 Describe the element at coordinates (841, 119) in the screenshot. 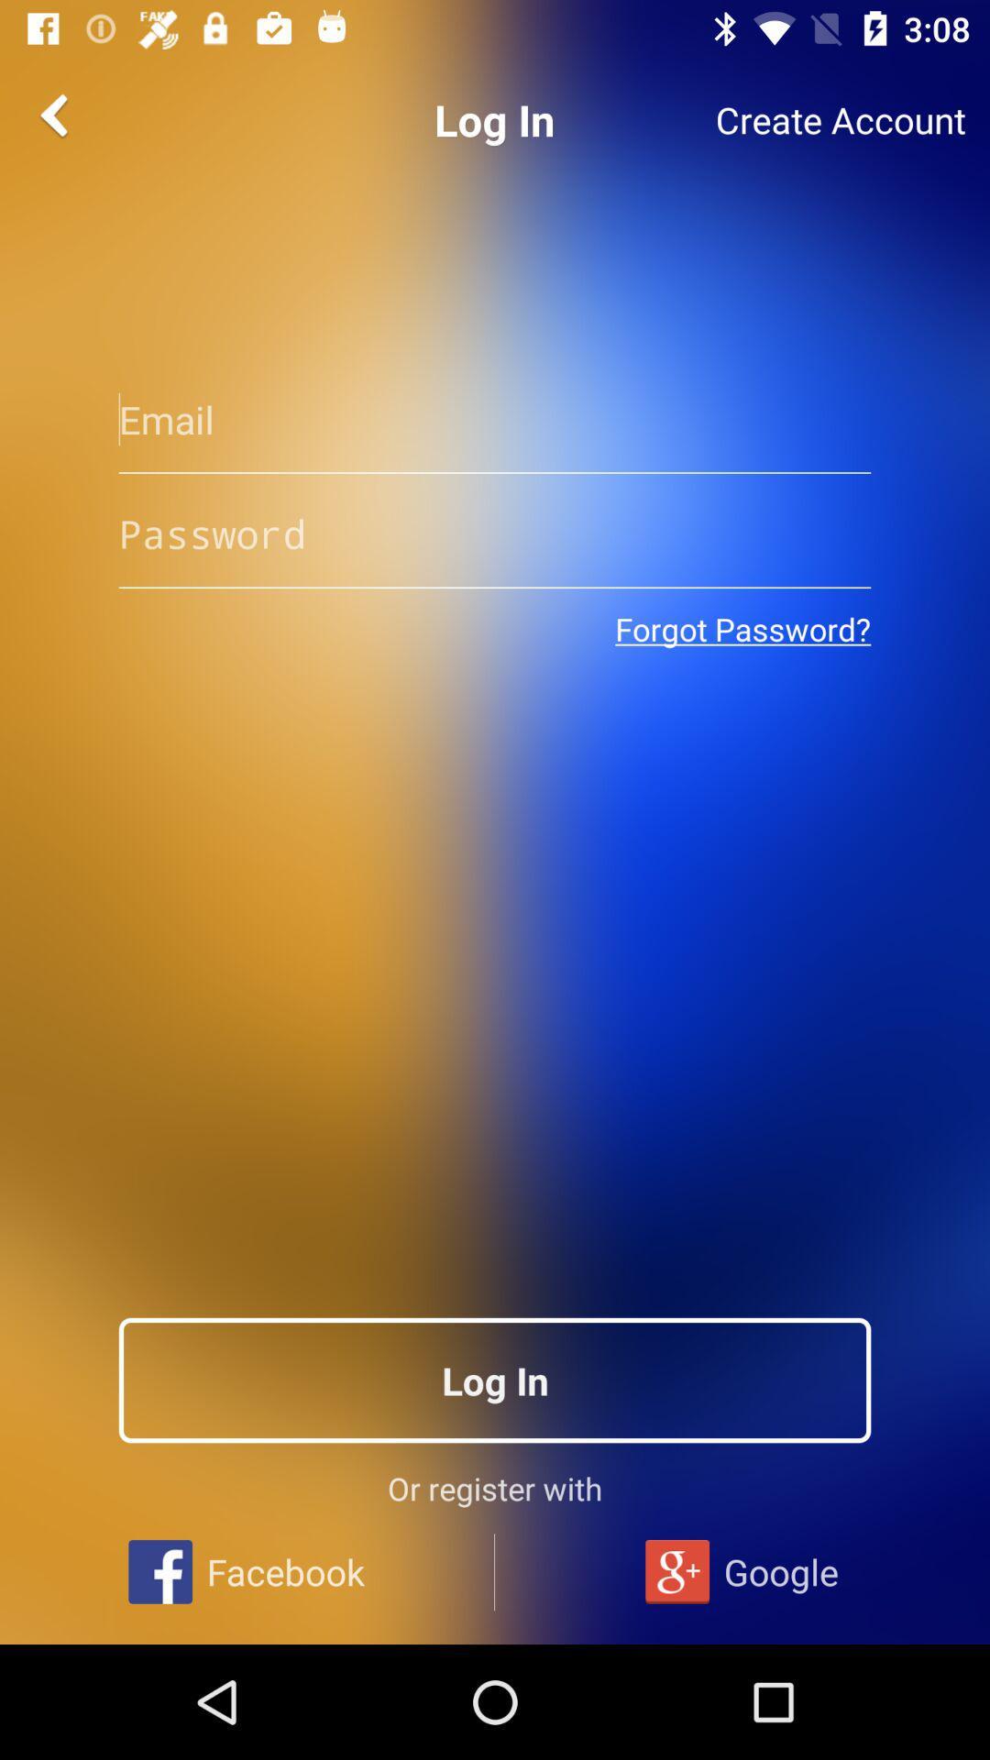

I see `the app next to log in item` at that location.